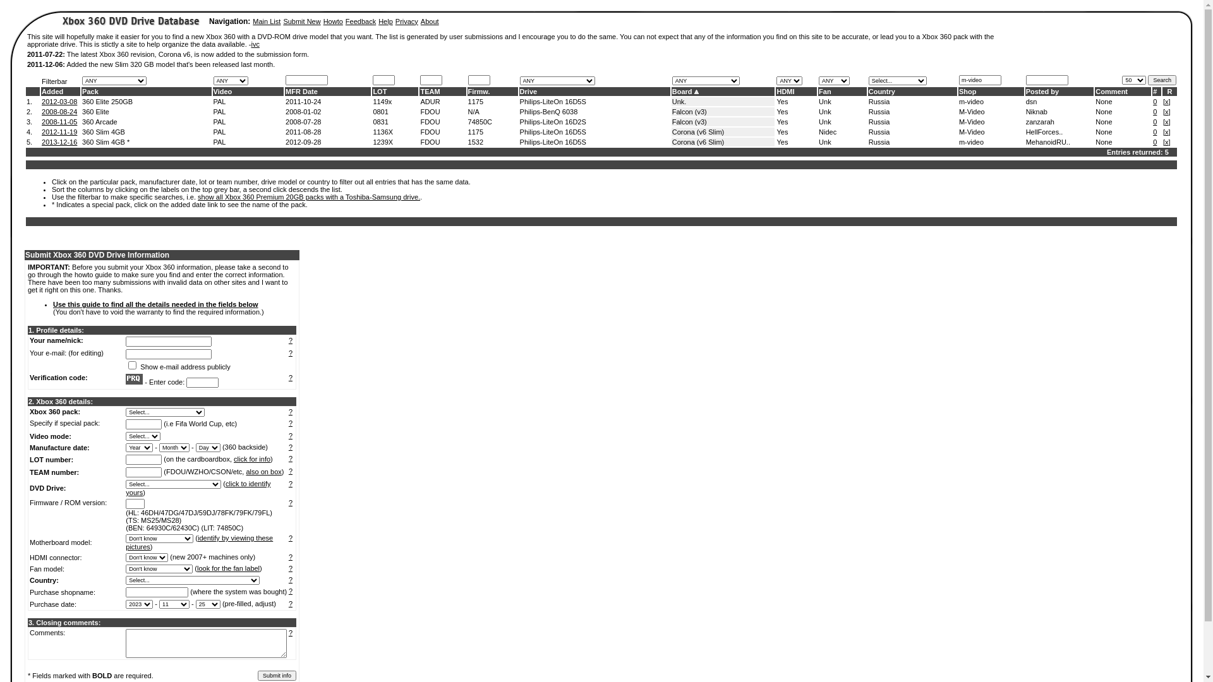  What do you see at coordinates (1166, 121) in the screenshot?
I see `'x'` at bounding box center [1166, 121].